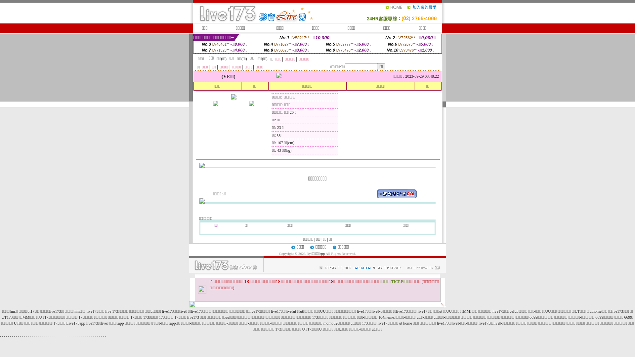 The width and height of the screenshot is (635, 357). What do you see at coordinates (48, 335) in the screenshot?
I see `'.'` at bounding box center [48, 335].